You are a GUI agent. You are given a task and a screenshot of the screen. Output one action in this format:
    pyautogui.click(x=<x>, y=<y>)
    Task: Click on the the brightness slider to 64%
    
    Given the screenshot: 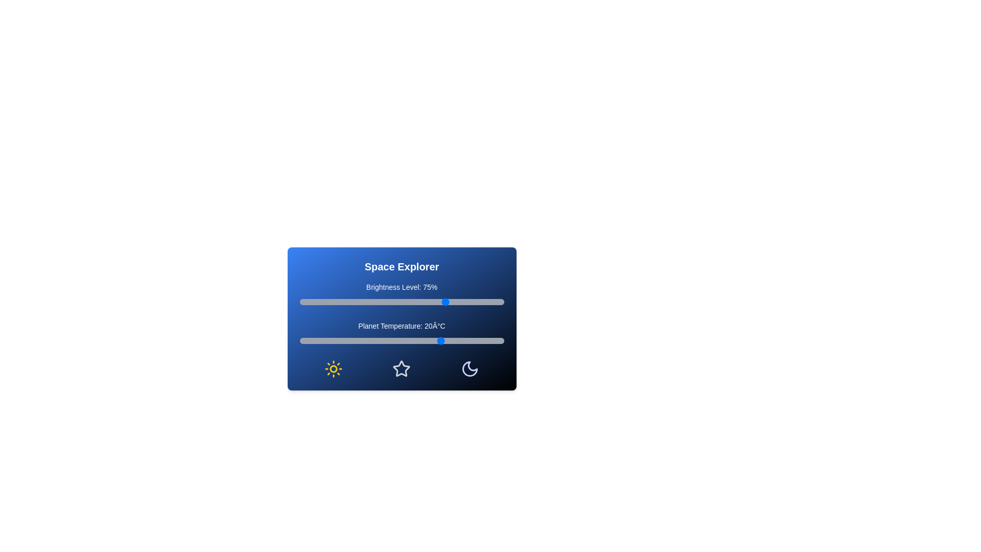 What is the action you would take?
    pyautogui.click(x=422, y=301)
    